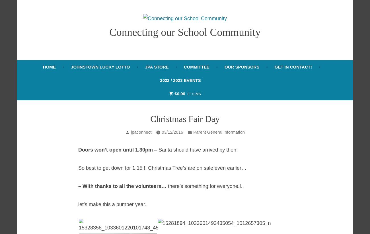 This screenshot has height=234, width=370. I want to click on 'Parent General Information', so click(219, 132).